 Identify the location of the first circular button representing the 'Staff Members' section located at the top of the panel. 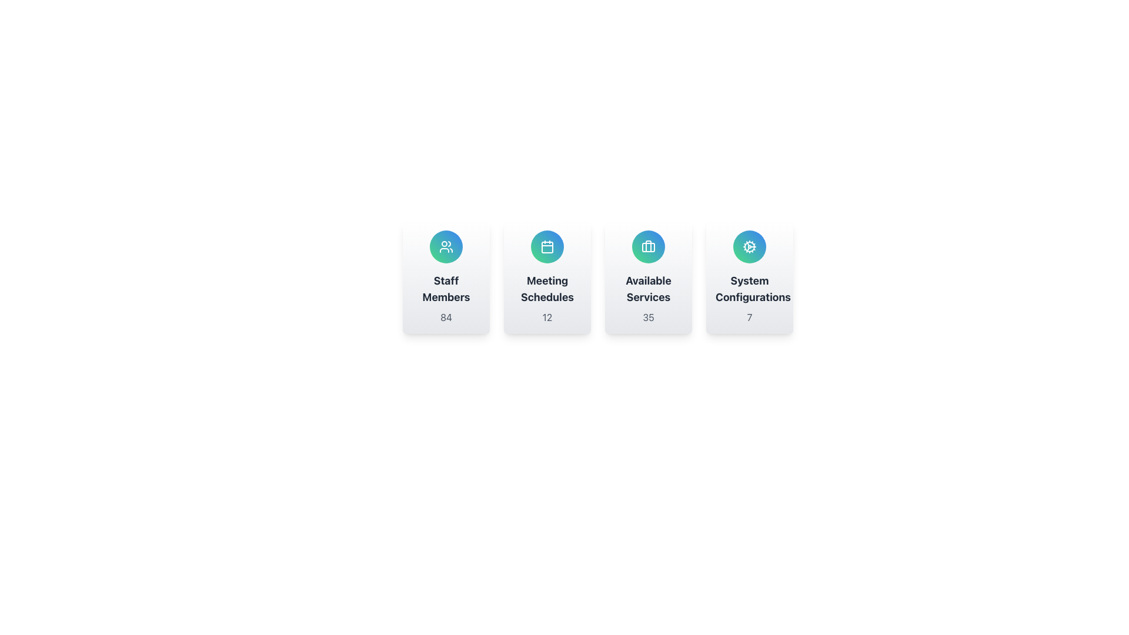
(445, 246).